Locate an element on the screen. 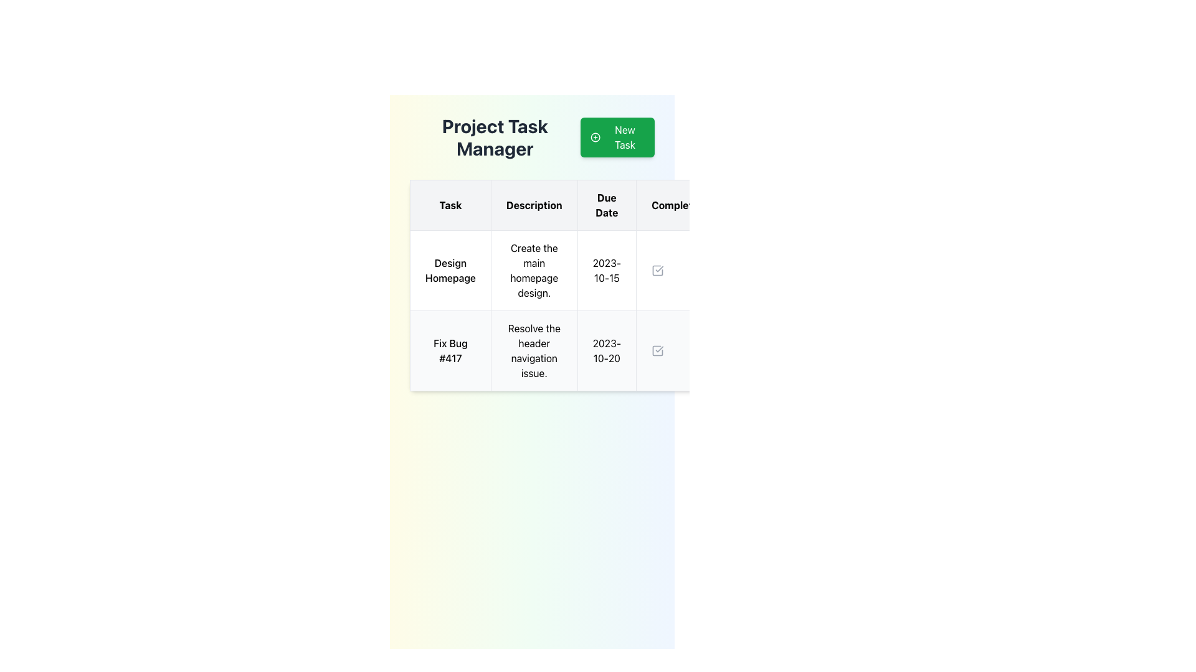 This screenshot has width=1196, height=672. the text-centered cell displaying 'Resolve the header navigation issue.' in the task management table is located at coordinates (534, 350).